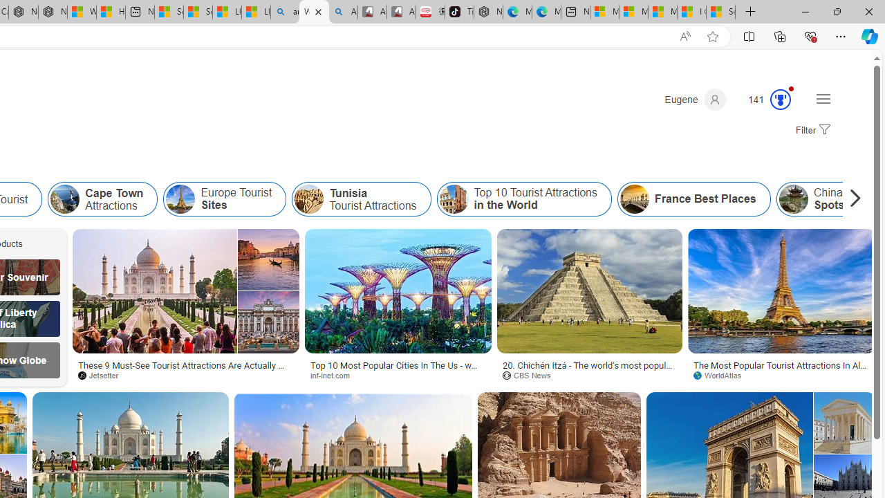  I want to click on 'Cape Town Attractions', so click(64, 199).